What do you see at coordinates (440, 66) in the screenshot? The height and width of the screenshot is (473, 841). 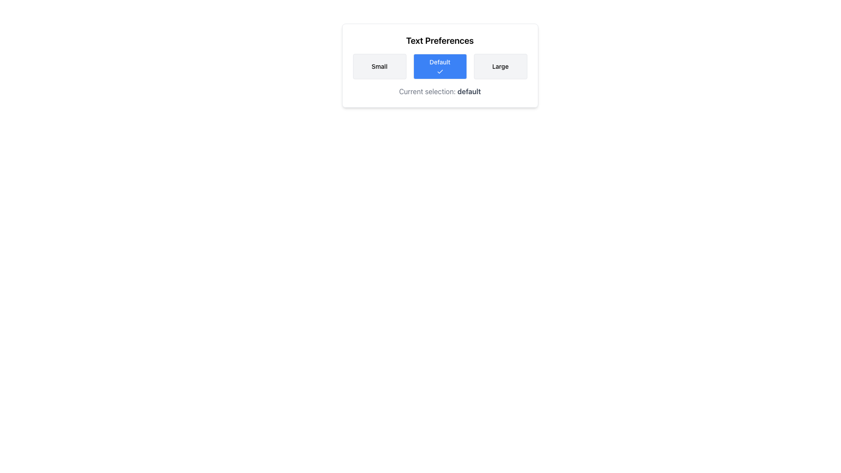 I see `the middle button labeled 'Default' with a blue background and a checkmark icon beneath it, which is positioned centrally in a three-button group under the 'Text Preferences' title` at bounding box center [440, 66].